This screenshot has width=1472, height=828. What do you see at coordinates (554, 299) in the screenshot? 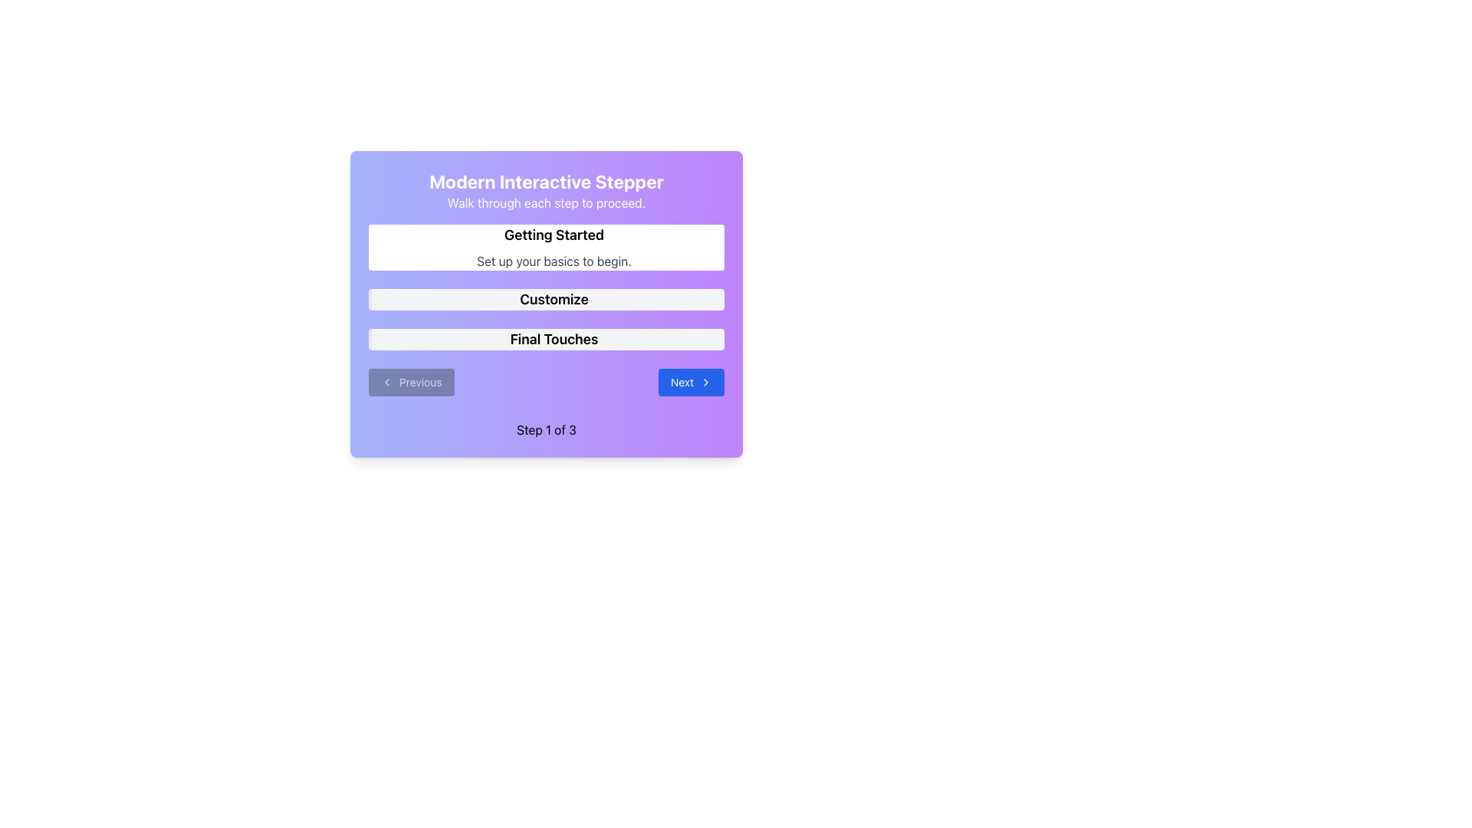
I see `the 'Customize' text label, which is a bold black font element in the stepper interface, positioned at the center of the second step` at bounding box center [554, 299].